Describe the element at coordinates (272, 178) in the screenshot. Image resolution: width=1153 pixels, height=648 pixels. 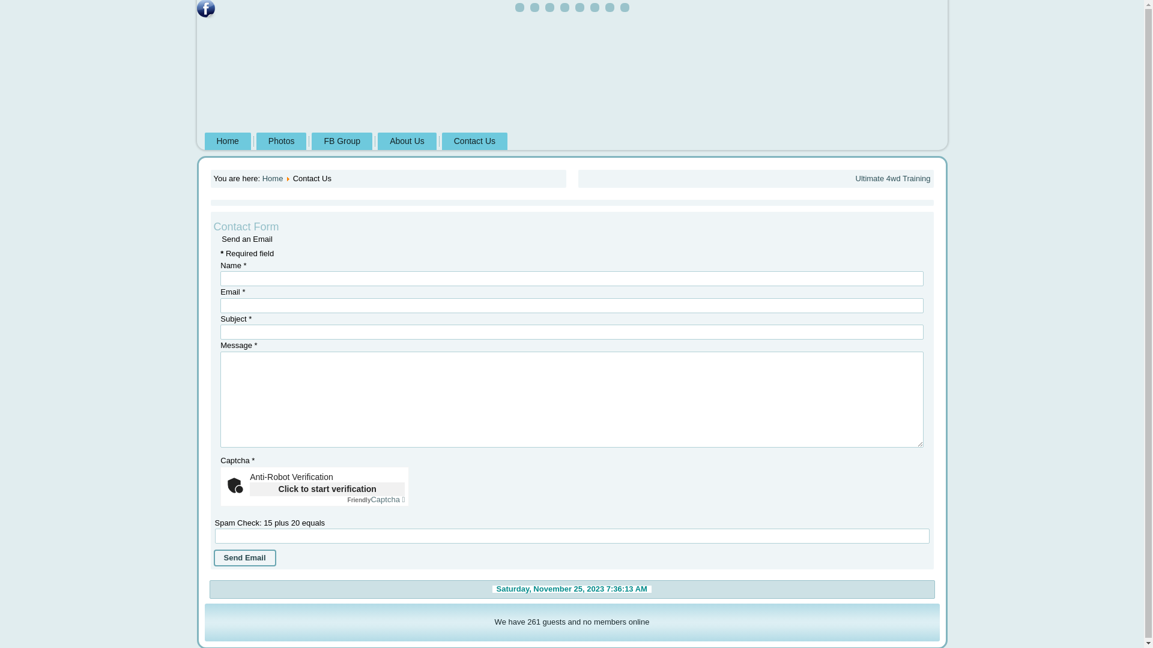
I see `'Home'` at that location.